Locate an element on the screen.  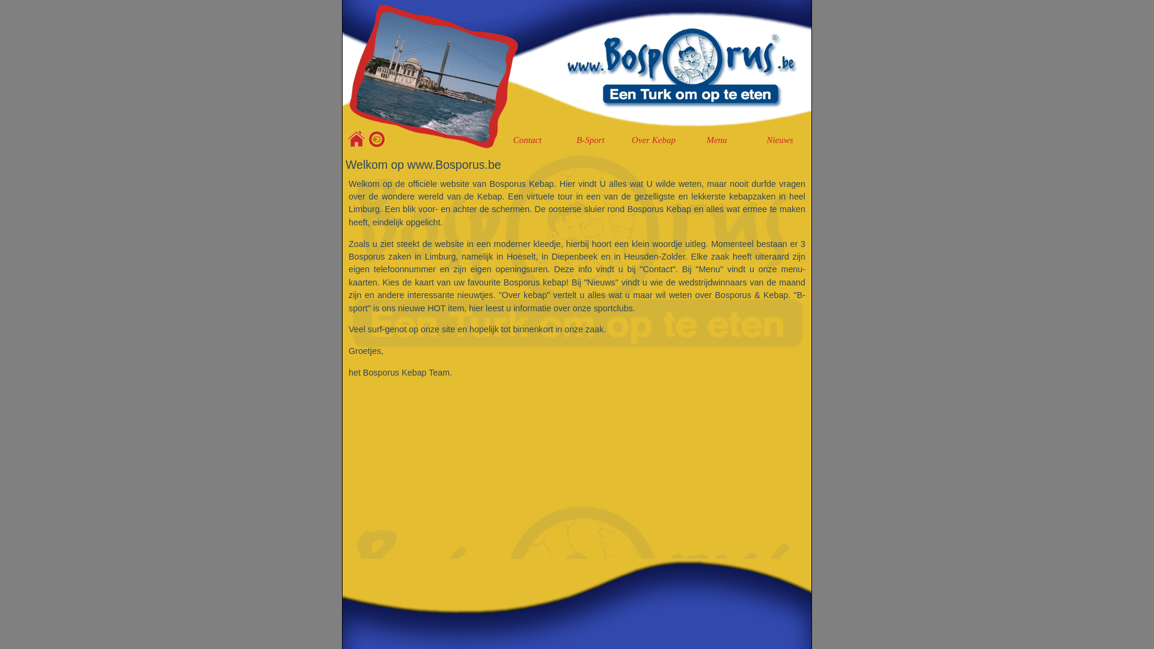
'Over Kebap' is located at coordinates (653, 140).